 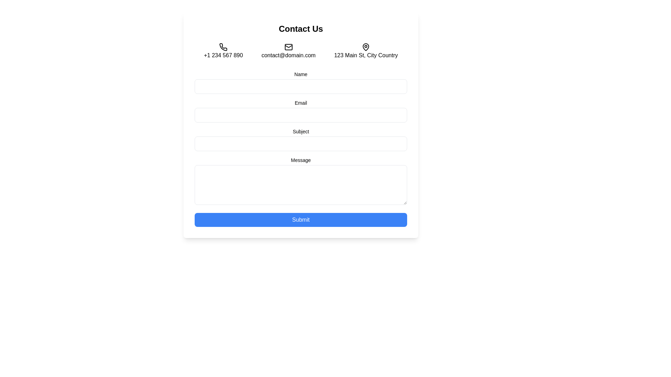 What do you see at coordinates (288, 51) in the screenshot?
I see `the static label displaying 'contact@domain.com' with the mail icon, which is the second element in the contact information group located centrally below the 'Contact Us' heading` at bounding box center [288, 51].